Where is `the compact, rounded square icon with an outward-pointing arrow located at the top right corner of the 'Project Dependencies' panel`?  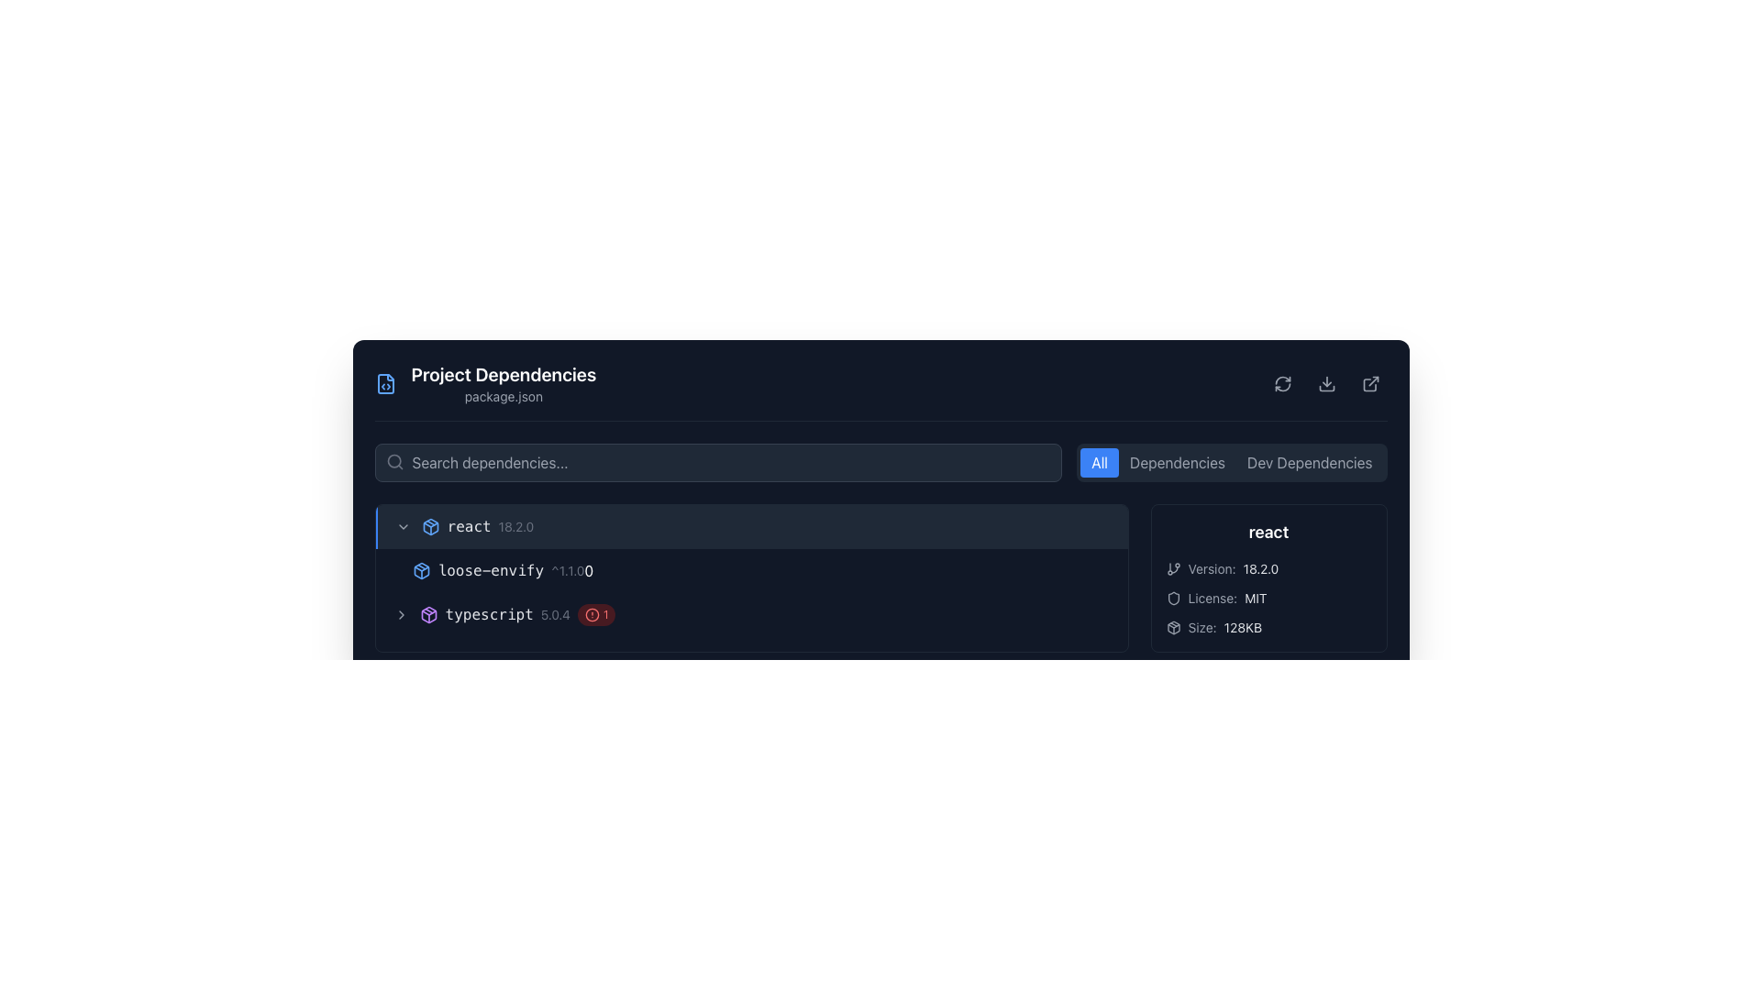 the compact, rounded square icon with an outward-pointing arrow located at the top right corner of the 'Project Dependencies' panel is located at coordinates (1370, 383).